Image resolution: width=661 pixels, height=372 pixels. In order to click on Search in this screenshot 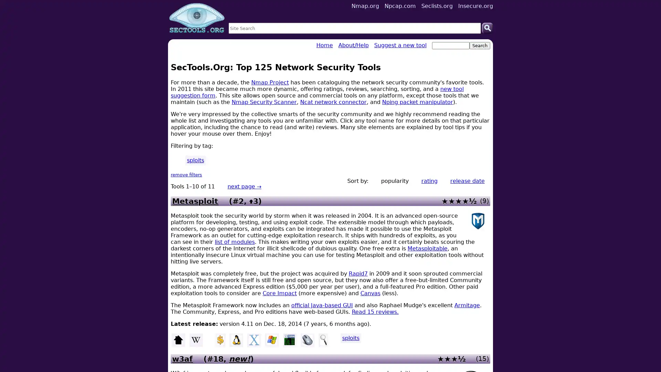, I will do `click(487, 28)`.